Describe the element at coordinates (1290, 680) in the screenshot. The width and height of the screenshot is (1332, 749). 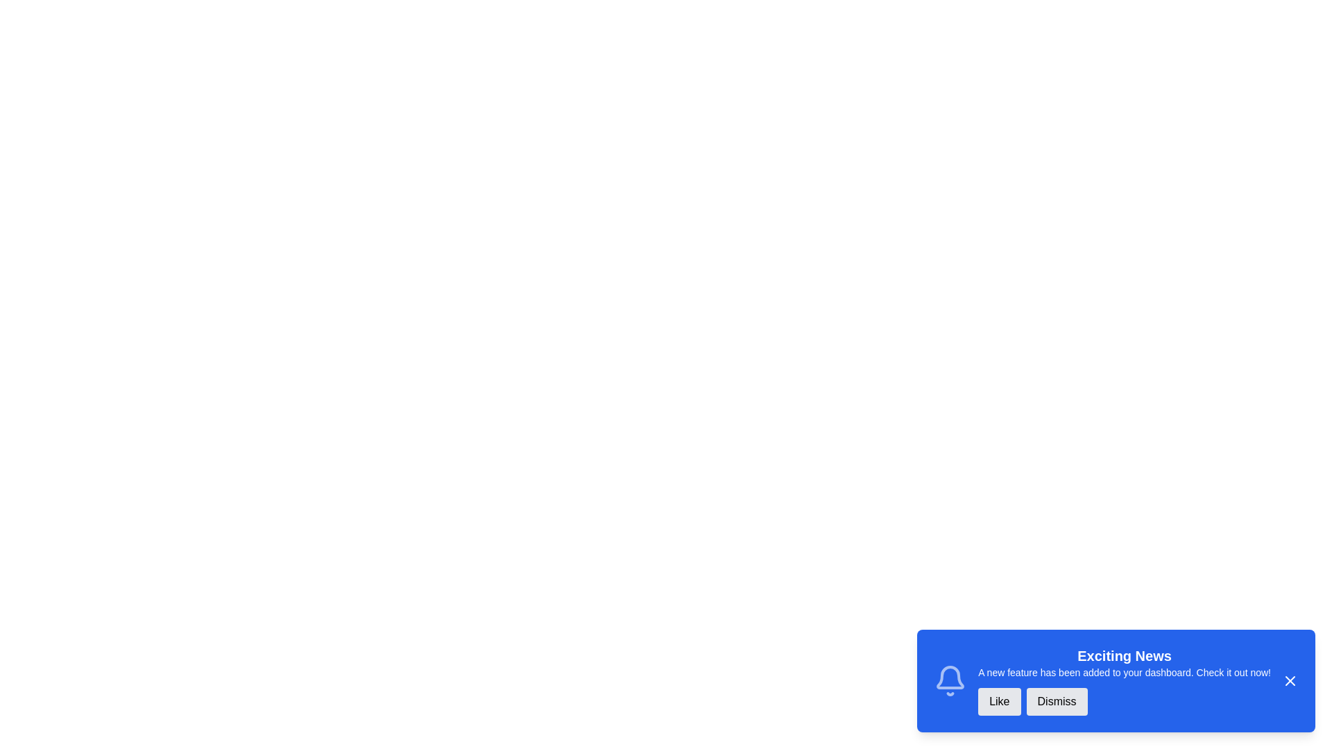
I see `the close icon (X) to close the snackbar` at that location.